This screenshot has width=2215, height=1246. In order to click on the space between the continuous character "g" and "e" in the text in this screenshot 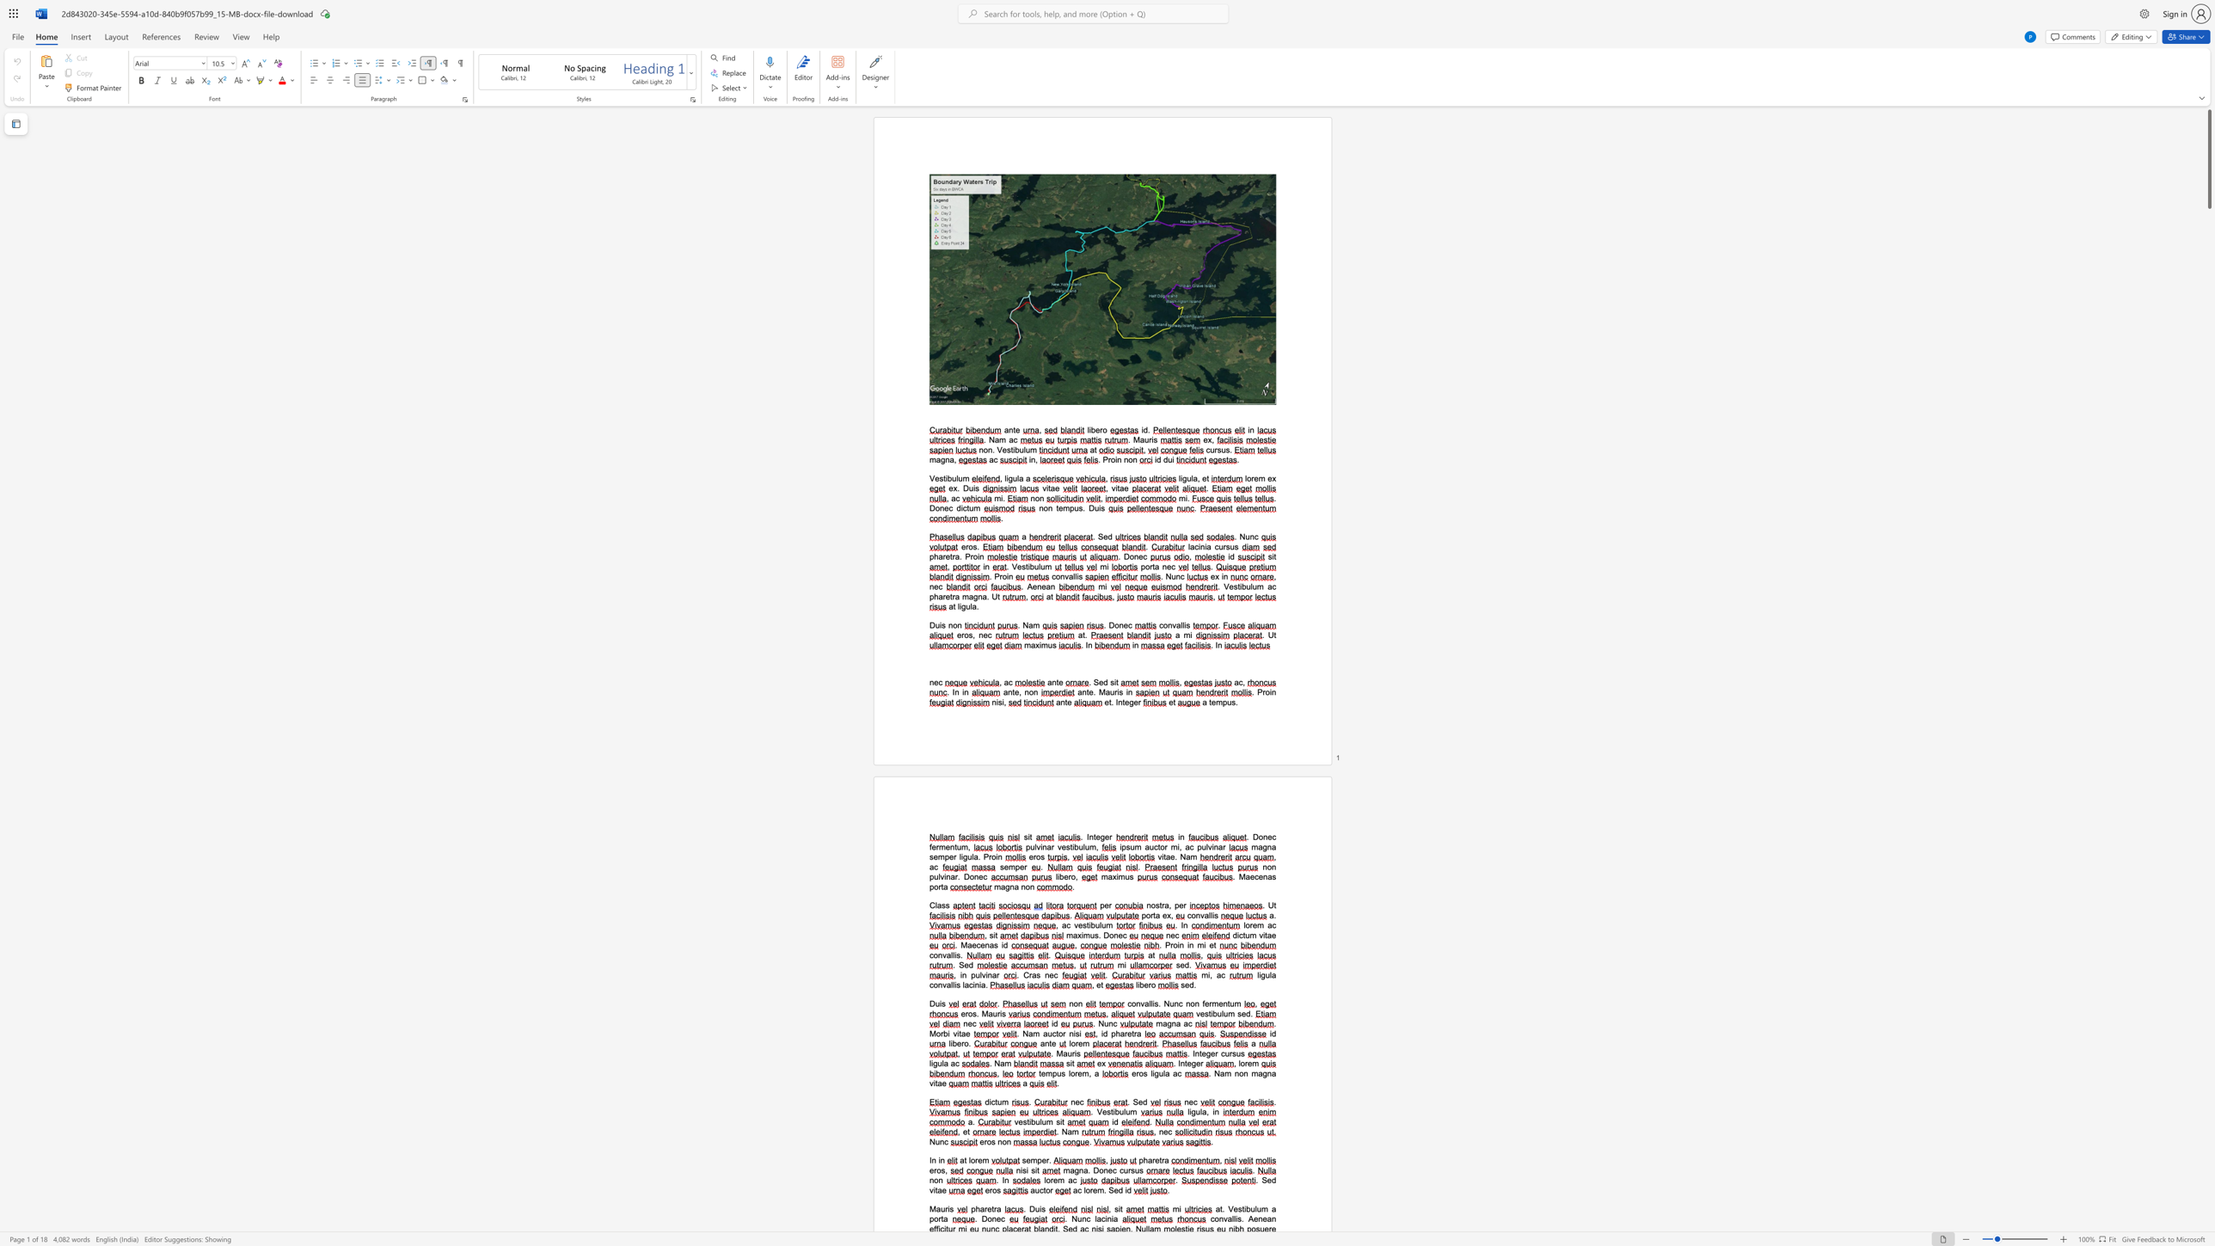, I will do `click(1133, 702)`.